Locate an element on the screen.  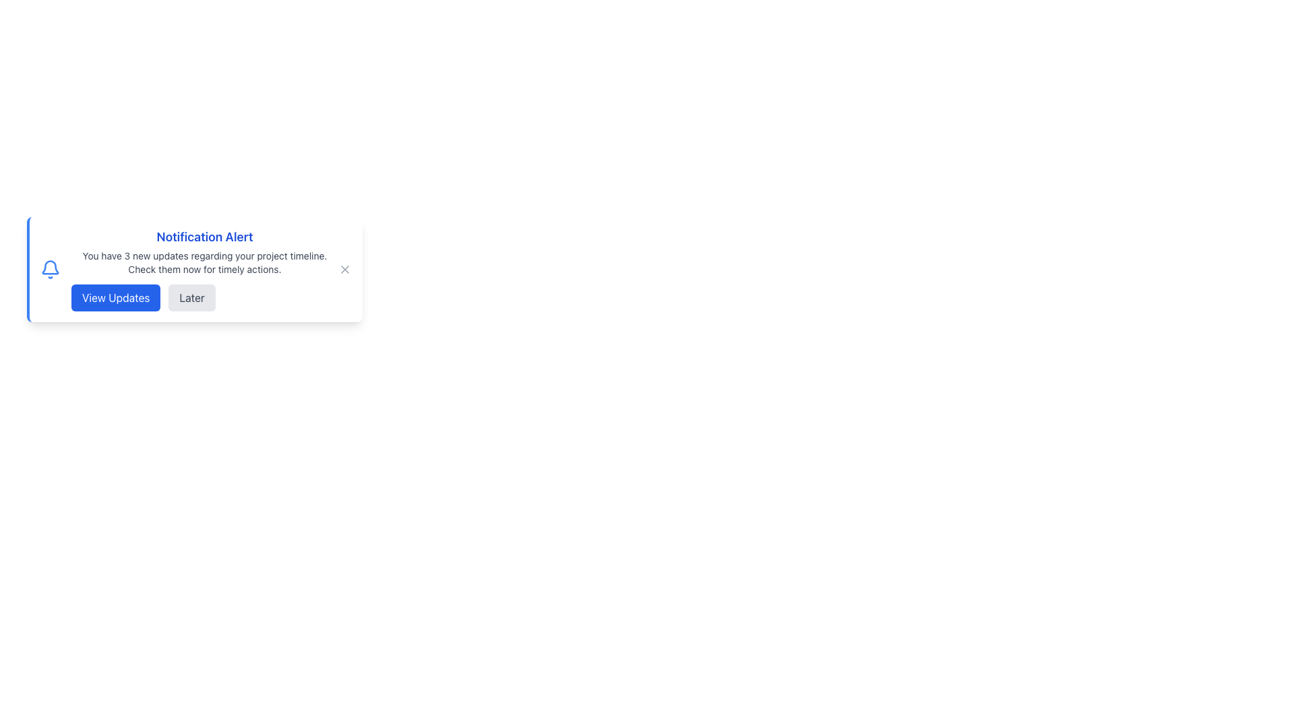
the 'Later' button located at the bottom right of the 'Notification Alert' box is located at coordinates (204, 297).